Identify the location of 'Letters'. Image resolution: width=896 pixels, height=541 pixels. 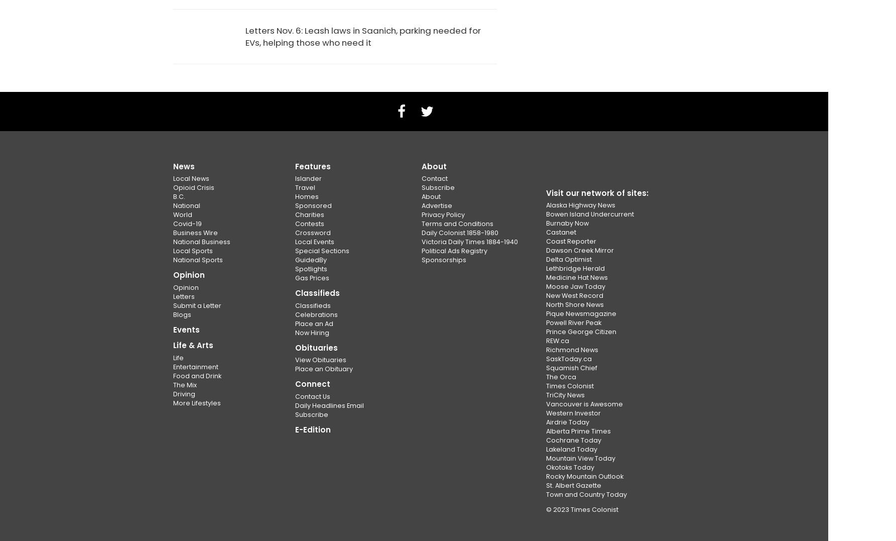
(184, 295).